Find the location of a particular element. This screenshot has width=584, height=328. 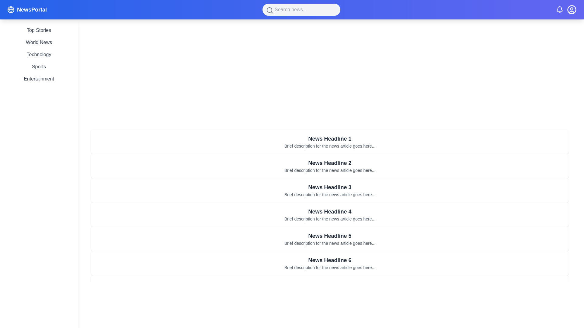

the 'Top Stories' static text element, which is styled in gray and highlights to indigo when hovered, located at the top of the vertical list on the left sidebar is located at coordinates (39, 30).